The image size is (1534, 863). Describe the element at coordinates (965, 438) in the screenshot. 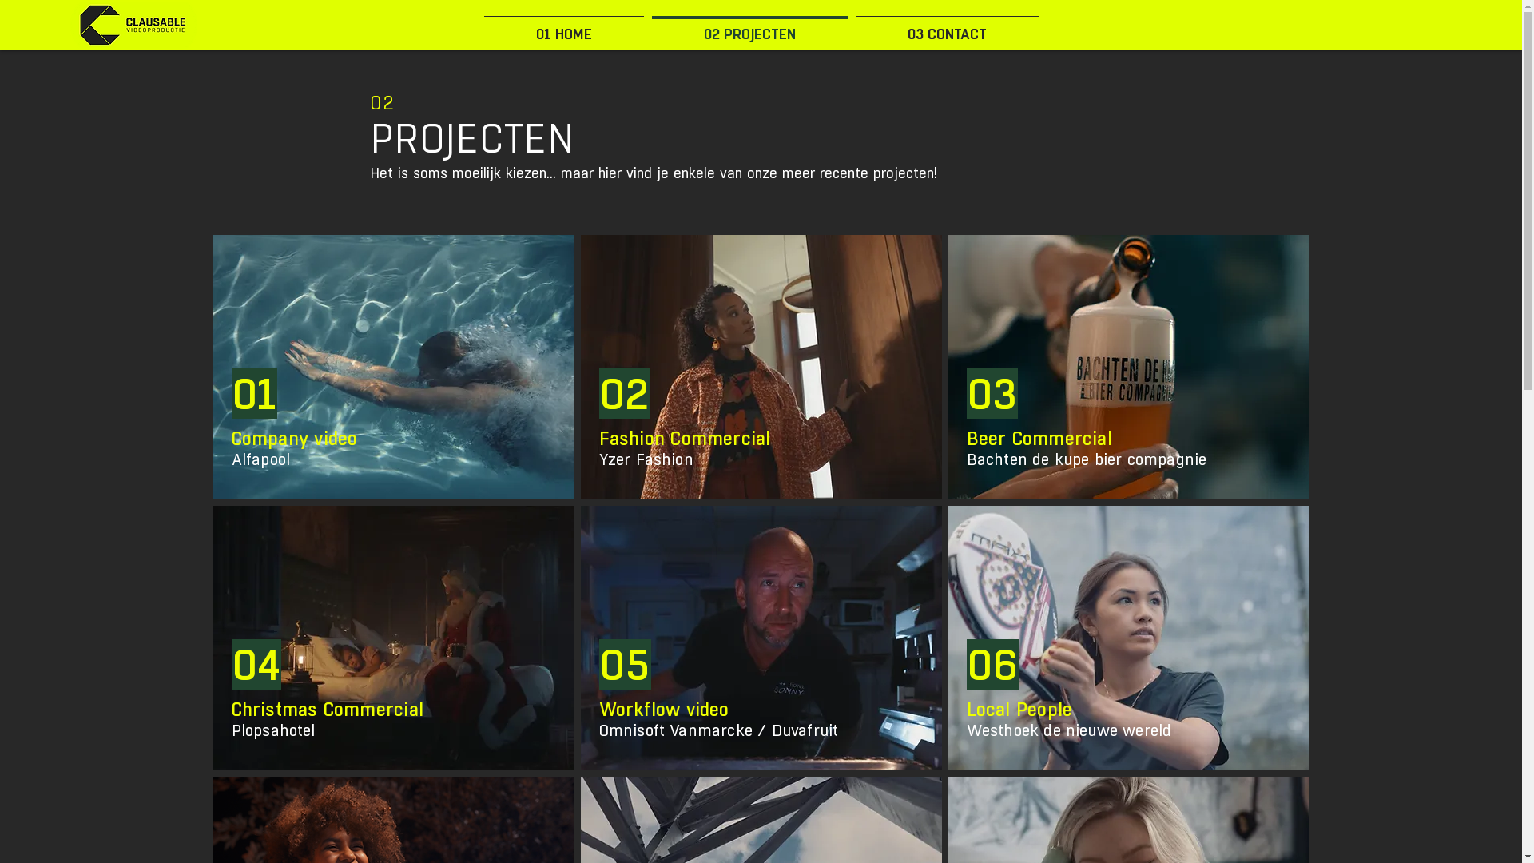

I see `'Beer Commercial'` at that location.